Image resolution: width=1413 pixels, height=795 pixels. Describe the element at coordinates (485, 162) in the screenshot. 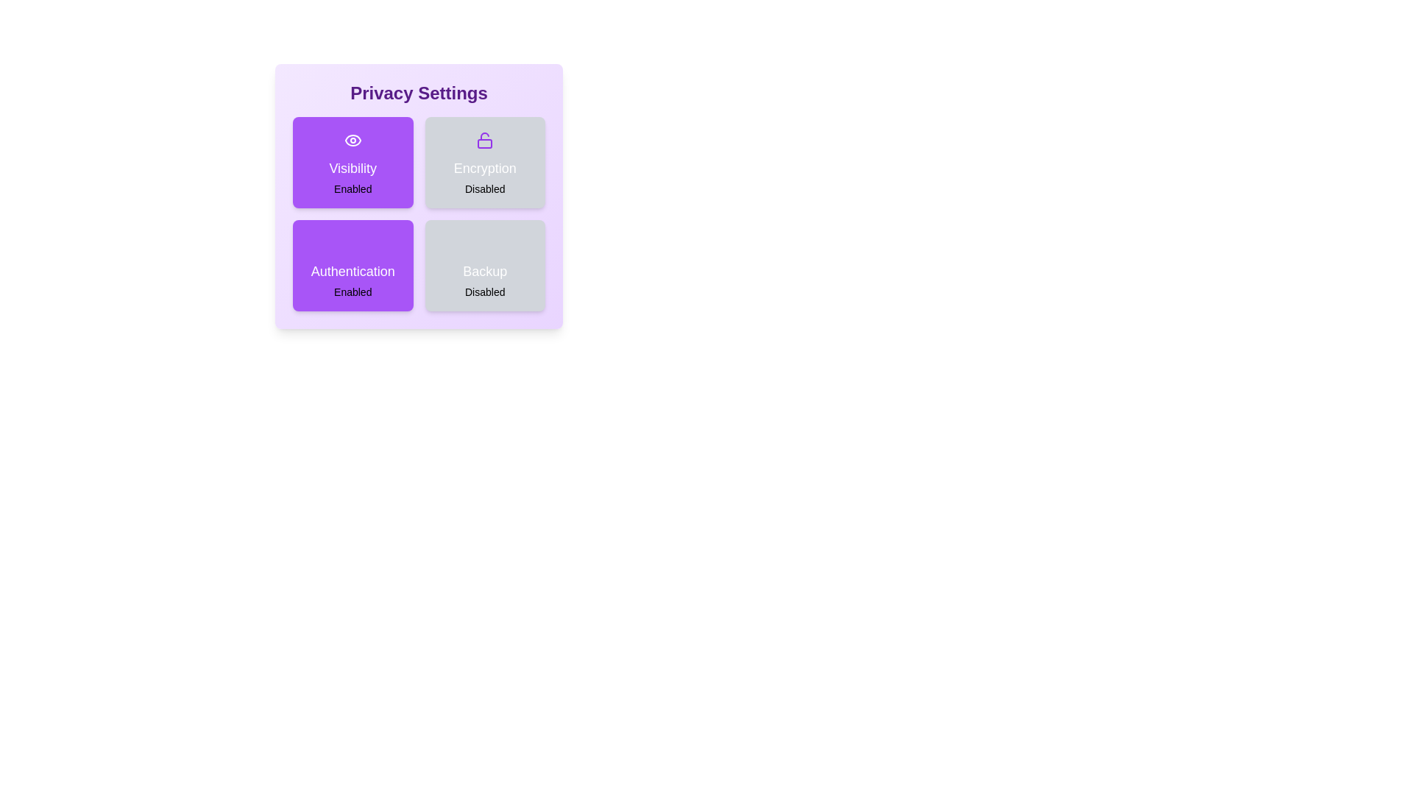

I see `the Encryption card to observe its animation` at that location.